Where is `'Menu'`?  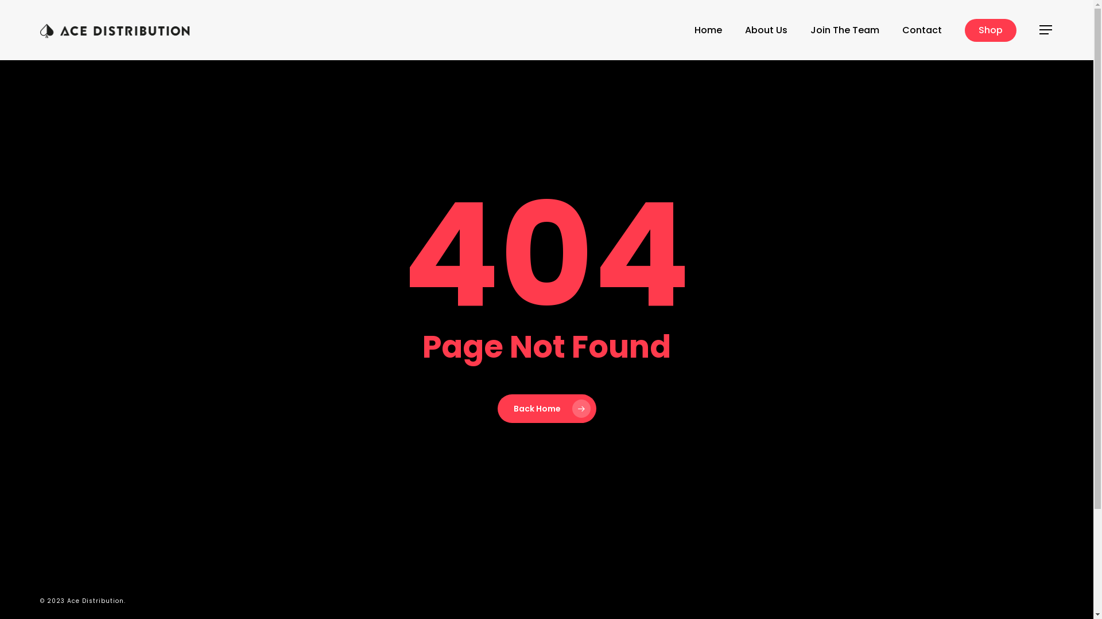 'Menu' is located at coordinates (1039, 29).